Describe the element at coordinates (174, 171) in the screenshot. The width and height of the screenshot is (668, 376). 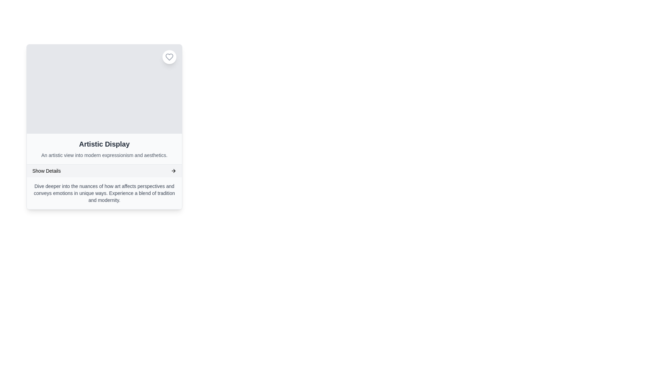
I see `the right arrow icon located at the far right within the 'Show Details' button area` at that location.